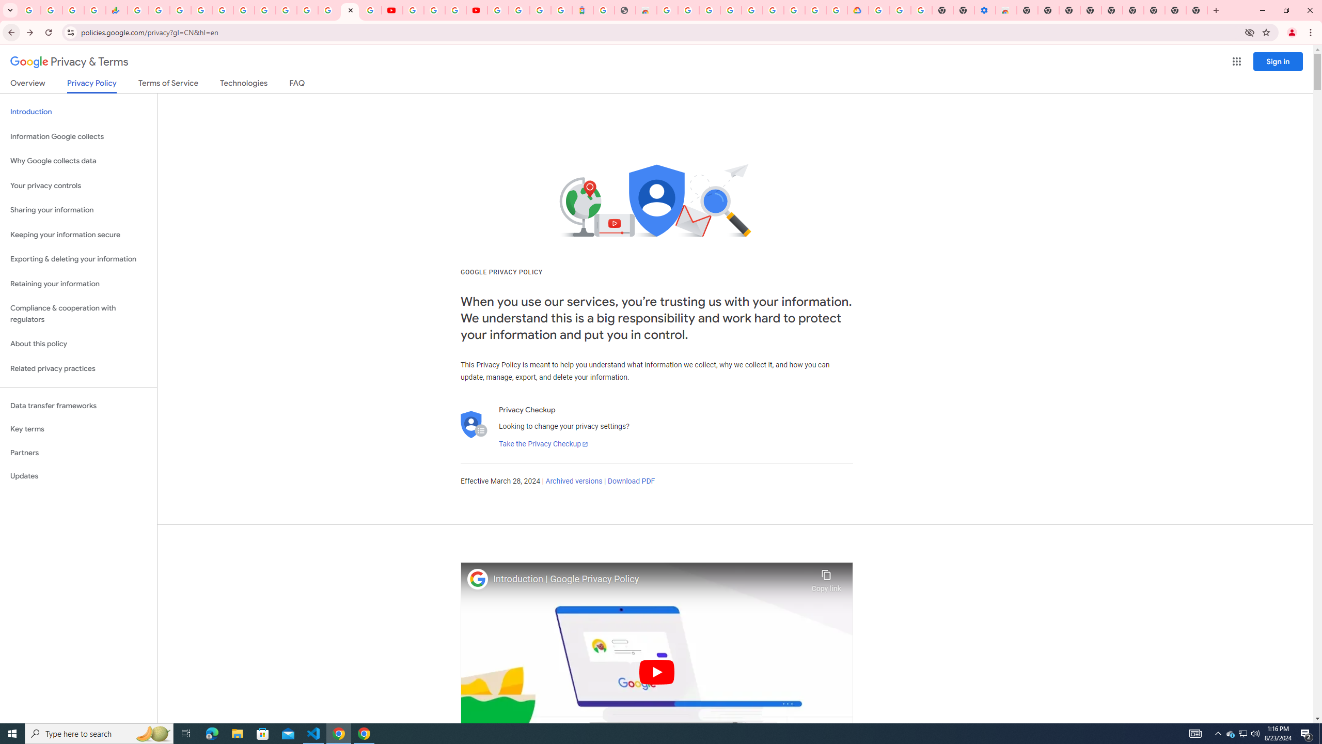  Describe the element at coordinates (836, 10) in the screenshot. I see `'Browse the Google Chrome Community - Google Chrome Community'` at that location.